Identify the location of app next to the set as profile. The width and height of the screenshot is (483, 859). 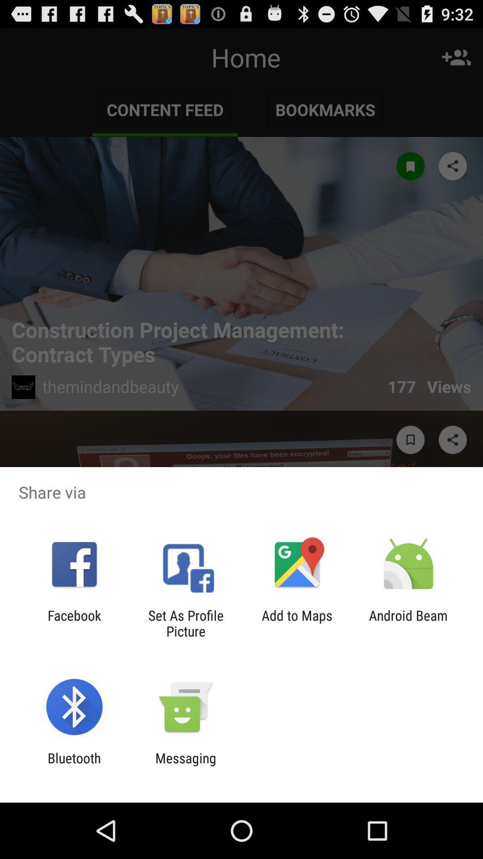
(297, 623).